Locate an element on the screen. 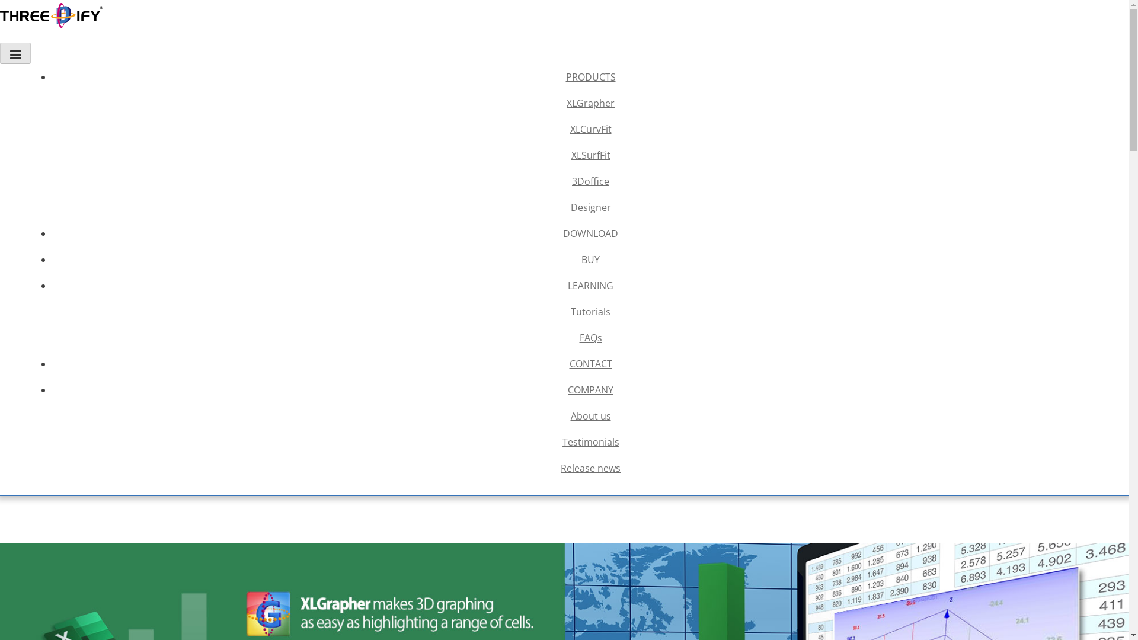 This screenshot has width=1138, height=640. 'Tutorials' is located at coordinates (54, 311).